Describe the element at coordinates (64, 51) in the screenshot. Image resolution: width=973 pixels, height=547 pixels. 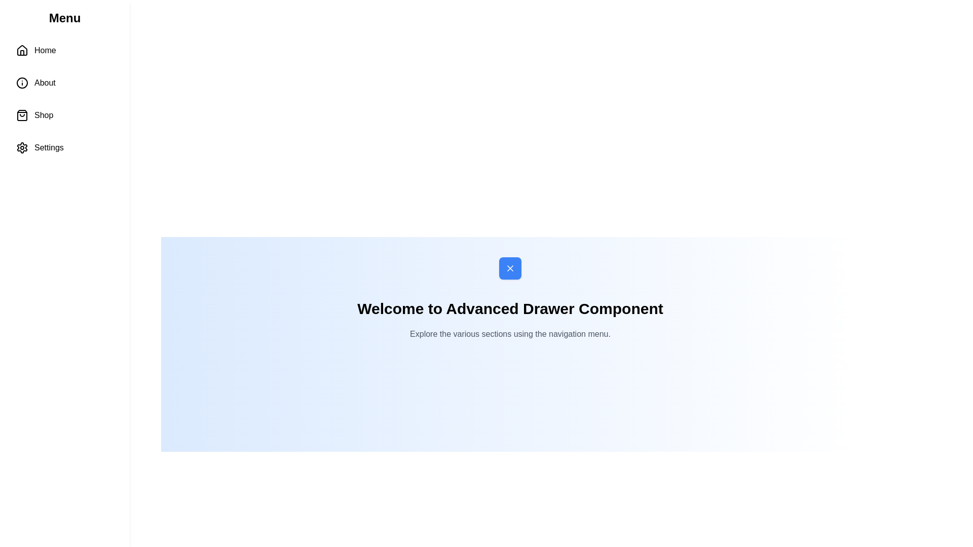
I see `keyboard navigation` at that location.